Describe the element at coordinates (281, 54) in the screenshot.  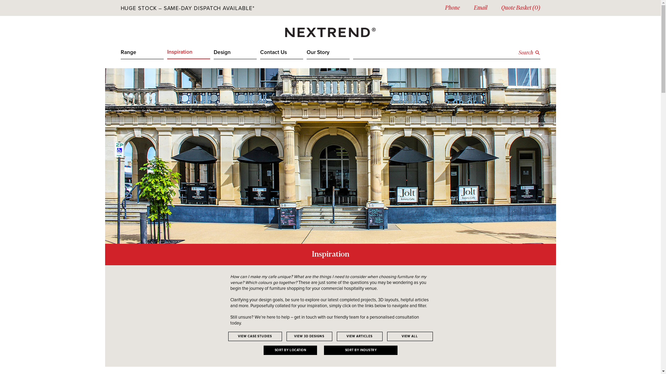
I see `'Contact Us'` at that location.